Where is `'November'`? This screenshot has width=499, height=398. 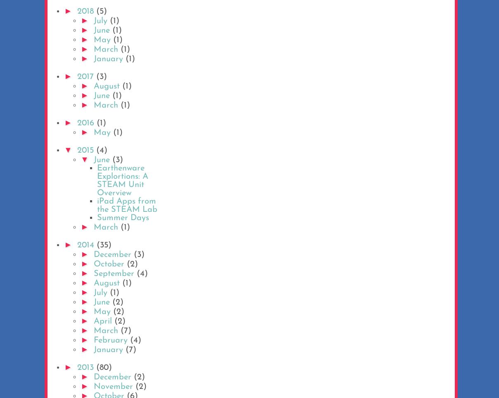
'November' is located at coordinates (114, 386).